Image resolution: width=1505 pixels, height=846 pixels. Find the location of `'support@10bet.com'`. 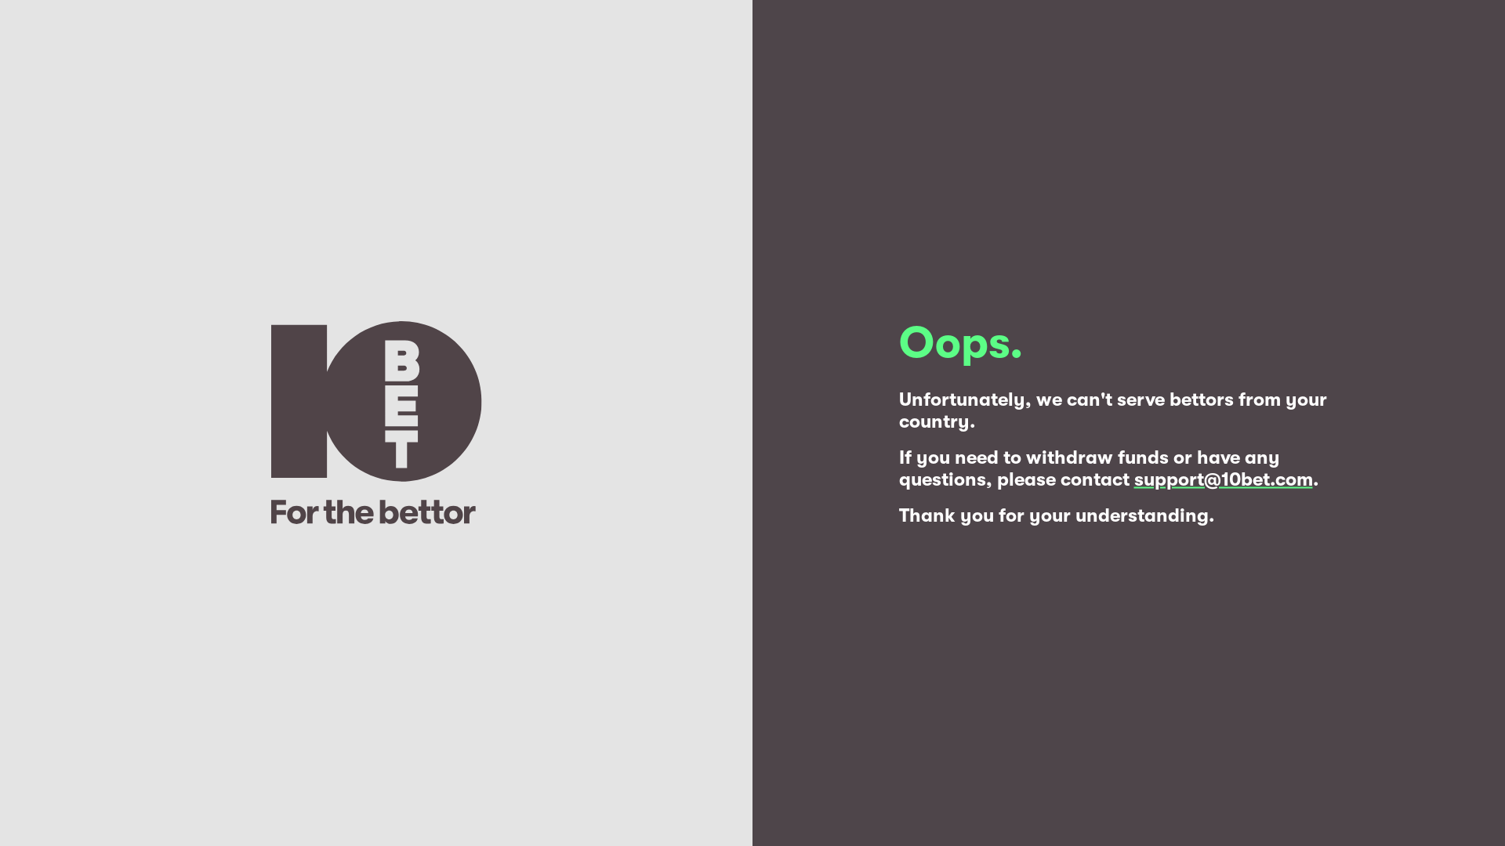

'support@10bet.com' is located at coordinates (1222, 479).